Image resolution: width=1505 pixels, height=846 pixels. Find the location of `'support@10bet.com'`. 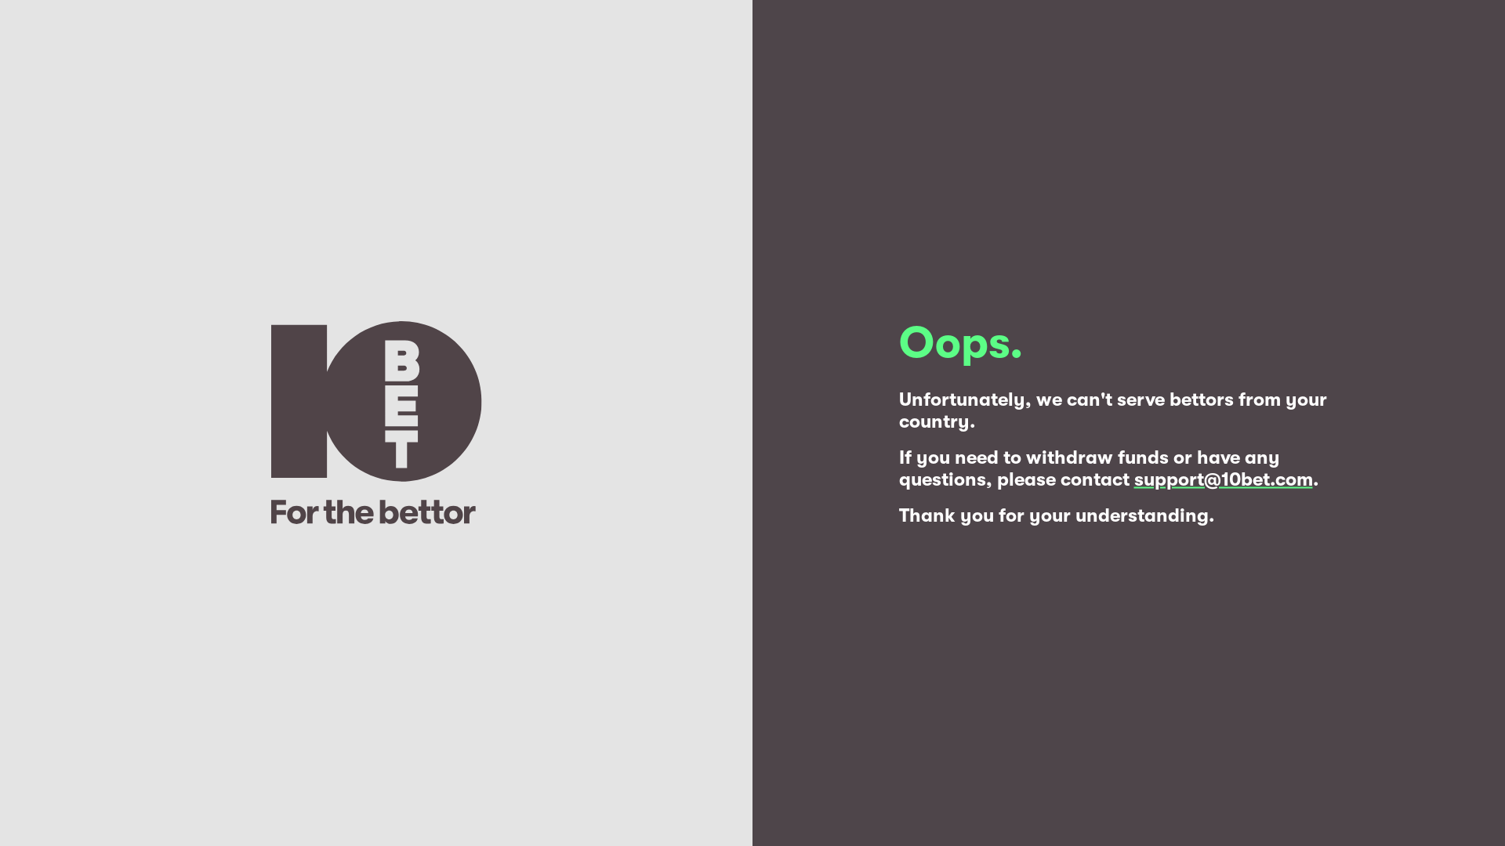

'support@10bet.com' is located at coordinates (1222, 479).